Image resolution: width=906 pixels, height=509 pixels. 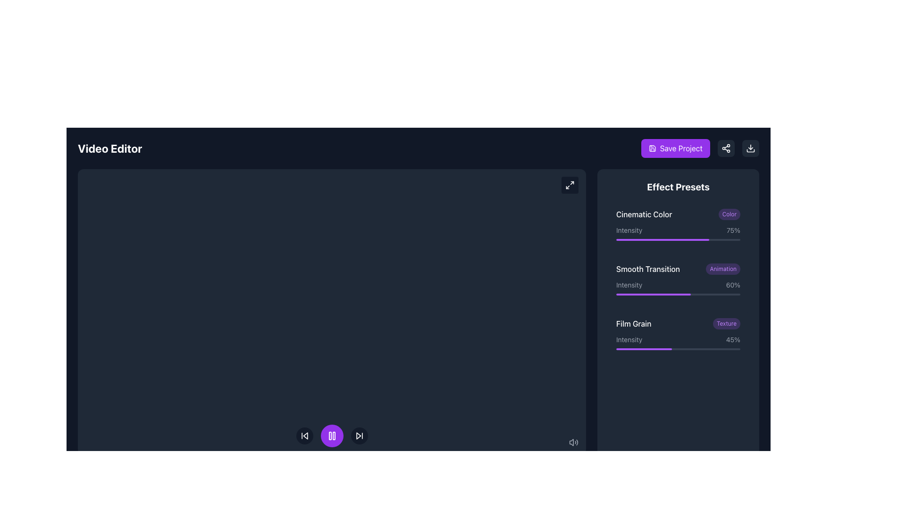 What do you see at coordinates (653, 294) in the screenshot?
I see `the width of the purple progress bar segment under the 'Smooth Transition' intensity setting to gauge the setting value` at bounding box center [653, 294].